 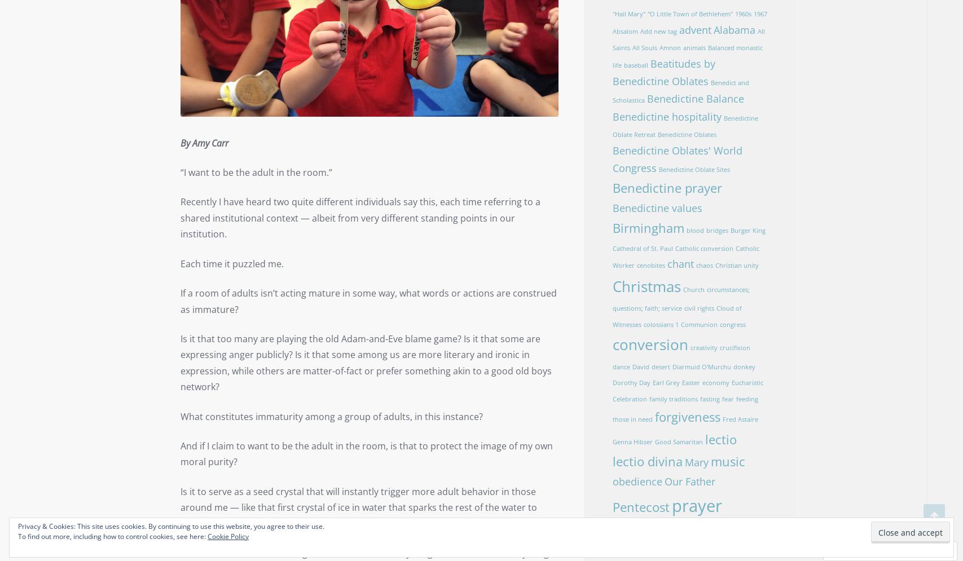 What do you see at coordinates (686, 56) in the screenshot?
I see `'Balanced monastic life'` at bounding box center [686, 56].